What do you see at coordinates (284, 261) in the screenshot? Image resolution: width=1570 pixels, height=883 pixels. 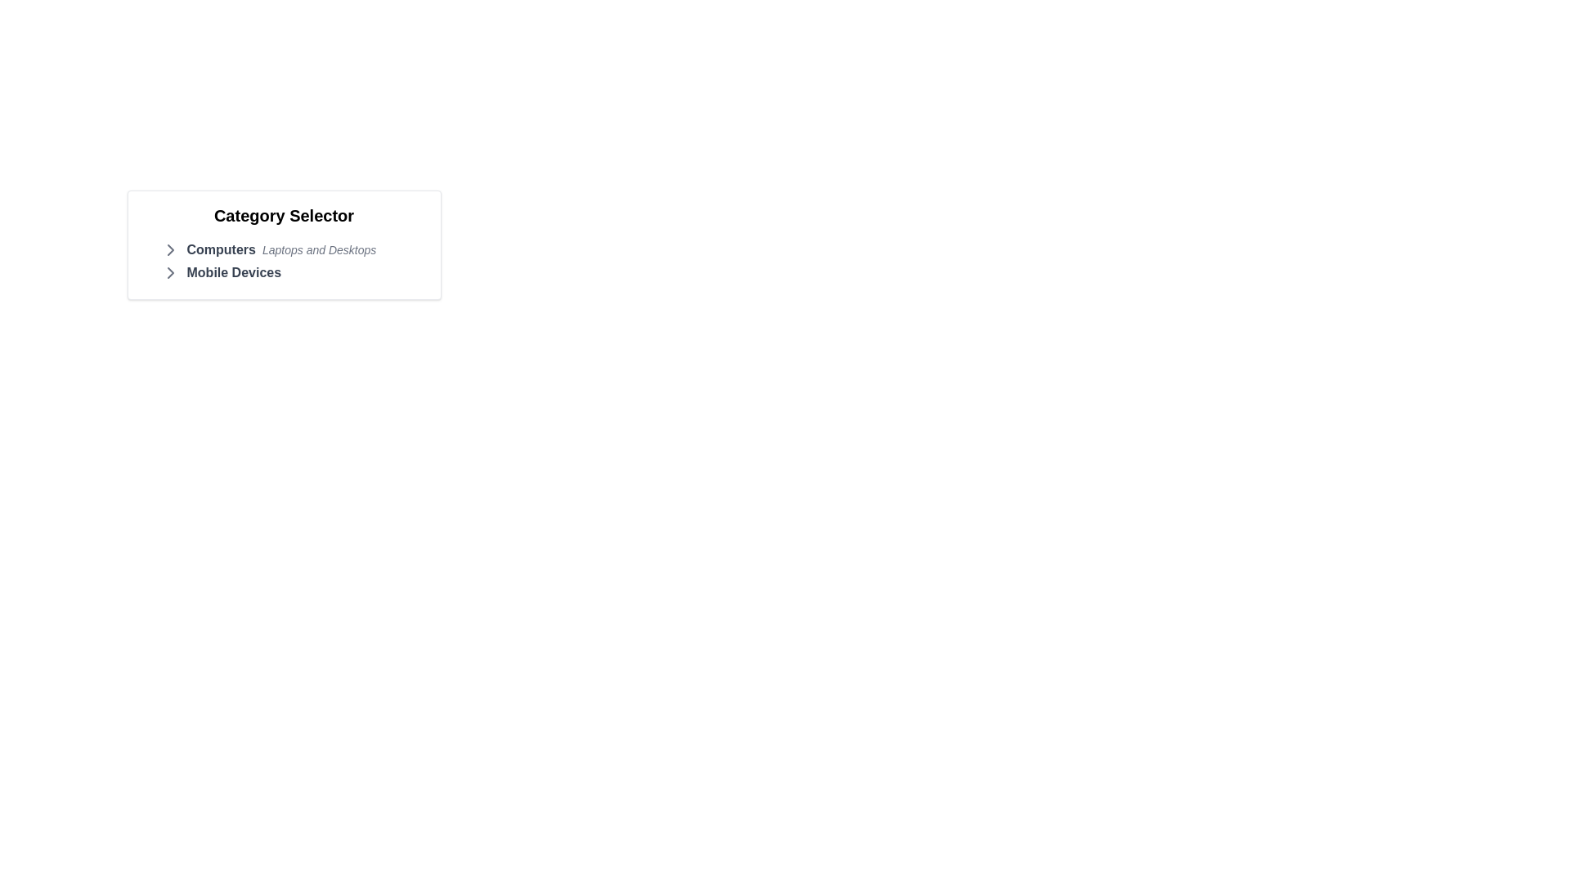 I see `the sub-elements of the 'Category Selector' list, specifically targeting the nested items for 'Computers' and 'Mobile Devices' for navigation` at bounding box center [284, 261].